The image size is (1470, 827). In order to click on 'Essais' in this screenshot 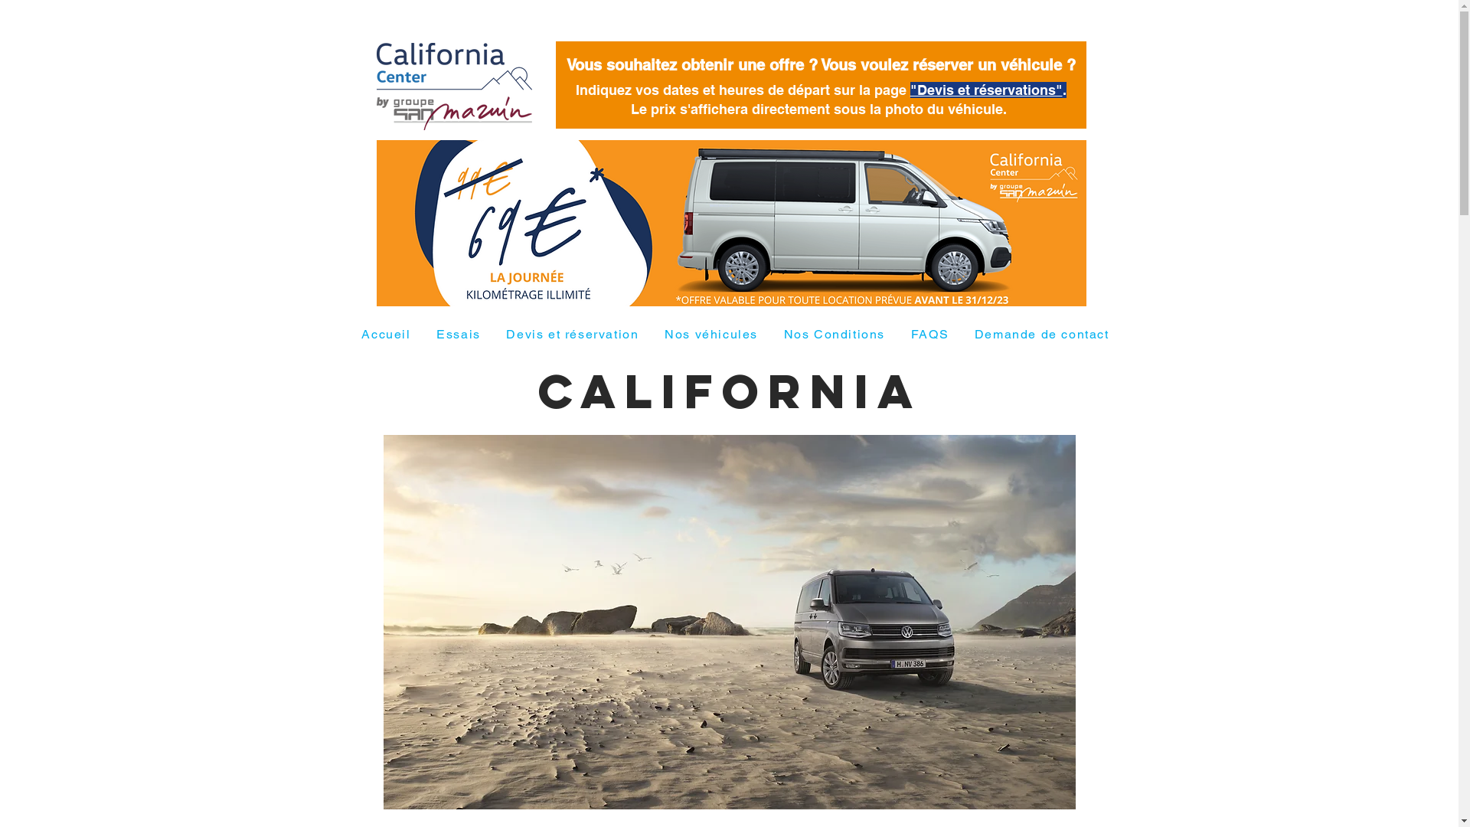, I will do `click(457, 334)`.